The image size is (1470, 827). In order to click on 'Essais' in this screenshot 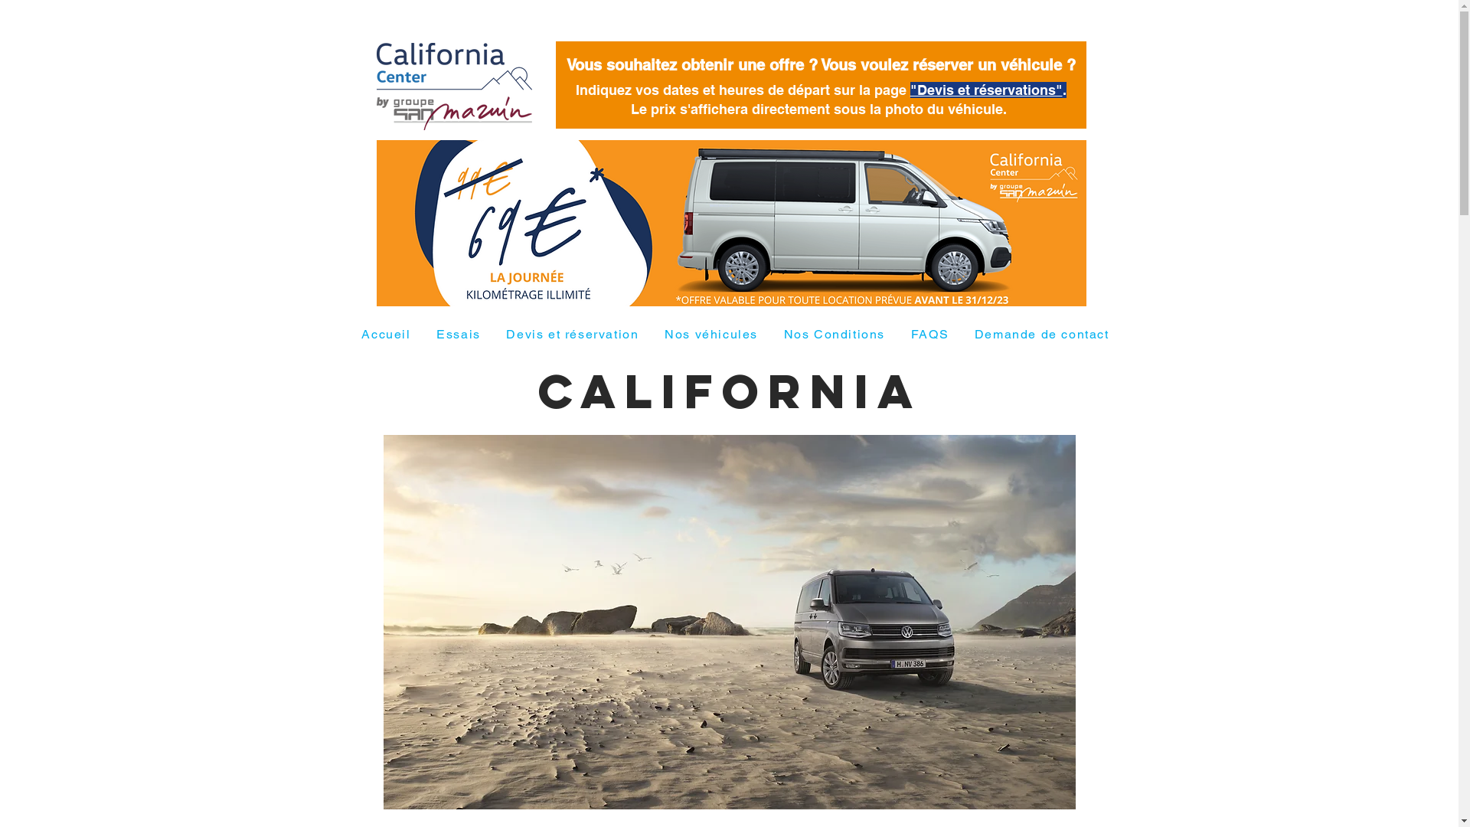, I will do `click(457, 334)`.